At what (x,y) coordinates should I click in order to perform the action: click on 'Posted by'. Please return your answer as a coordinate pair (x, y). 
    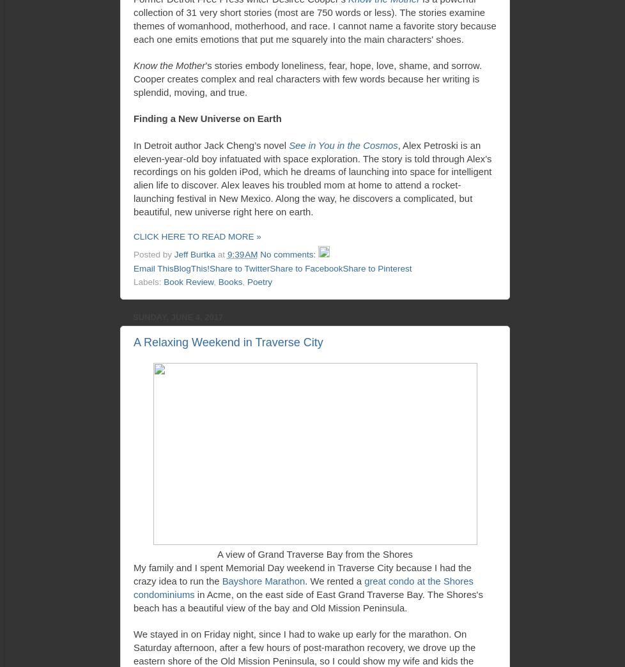
    Looking at the image, I should click on (153, 254).